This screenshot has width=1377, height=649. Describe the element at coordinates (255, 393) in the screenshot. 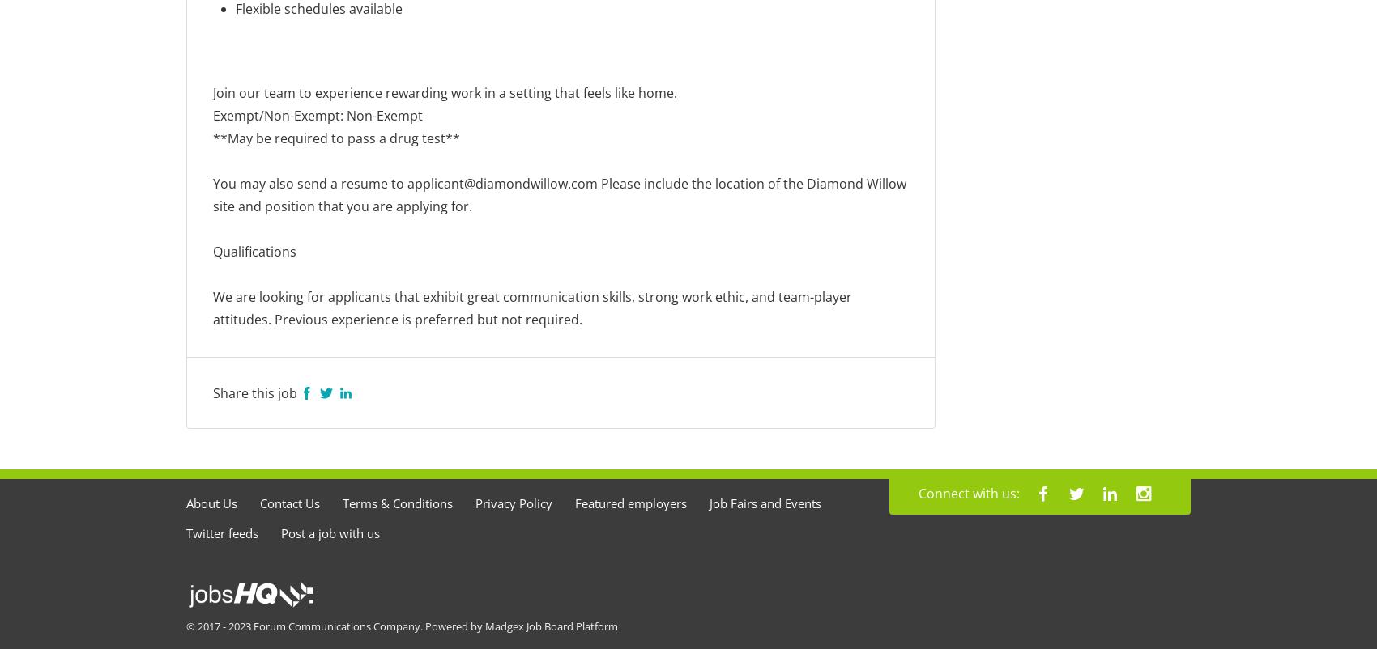

I see `'Share this job'` at that location.